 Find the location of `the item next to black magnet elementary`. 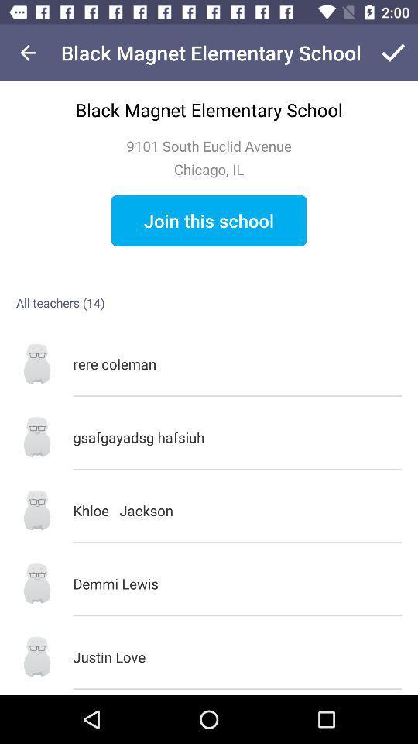

the item next to black magnet elementary is located at coordinates (28, 53).